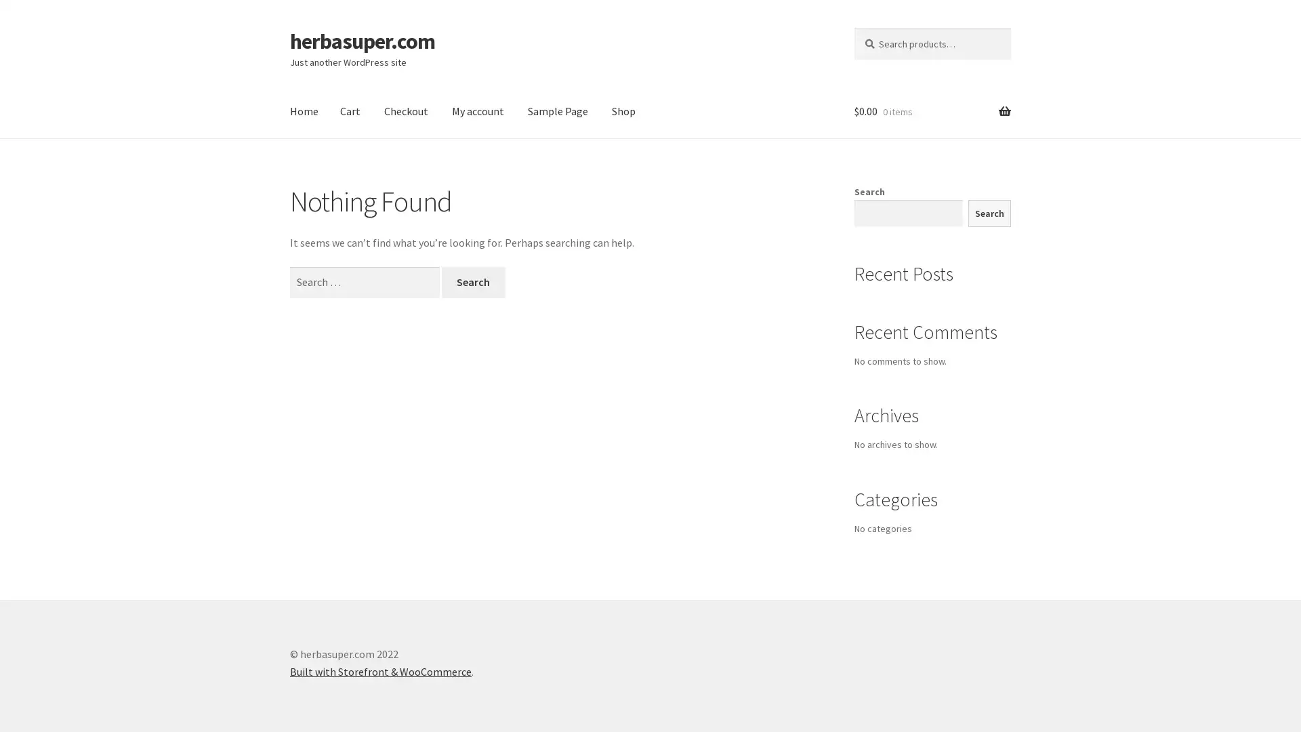 This screenshot has height=732, width=1301. Describe the element at coordinates (473, 281) in the screenshot. I see `Search` at that location.